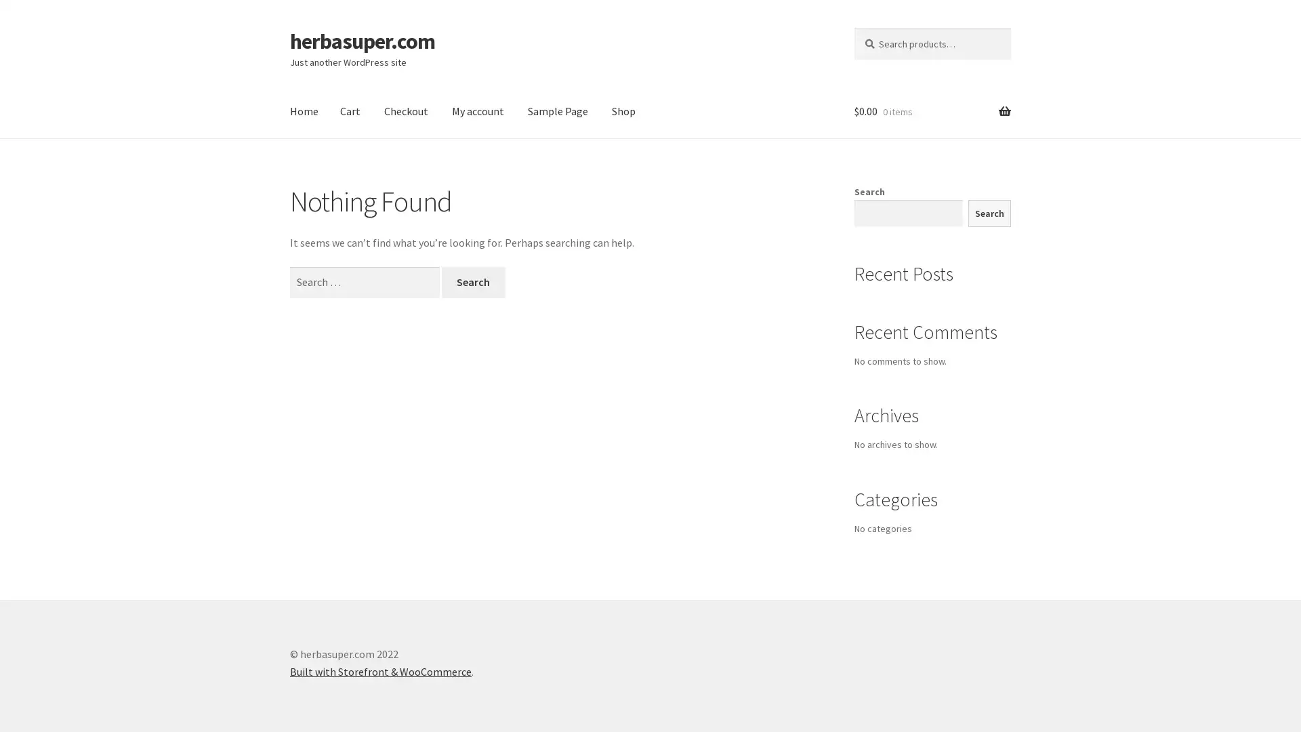 This screenshot has height=732, width=1301. Describe the element at coordinates (473, 281) in the screenshot. I see `Search` at that location.